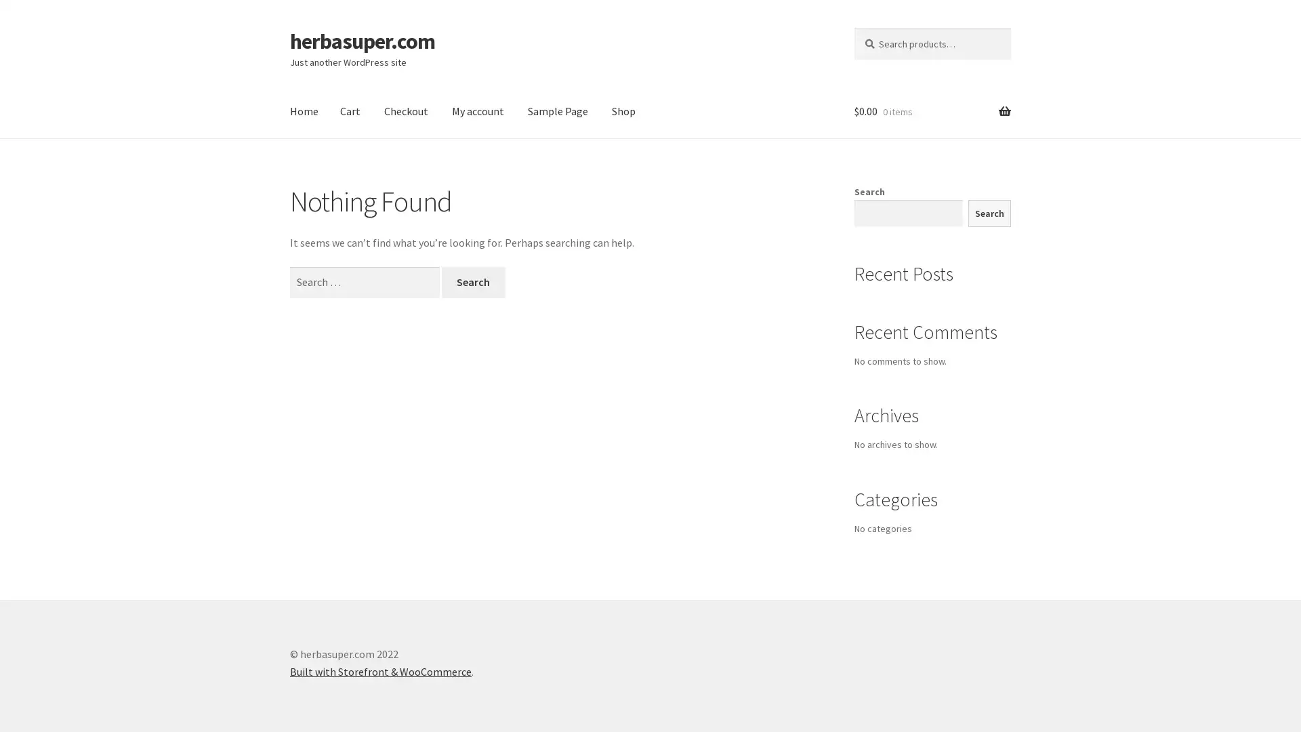 This screenshot has height=732, width=1301. Describe the element at coordinates (473, 281) in the screenshot. I see `Search` at that location.